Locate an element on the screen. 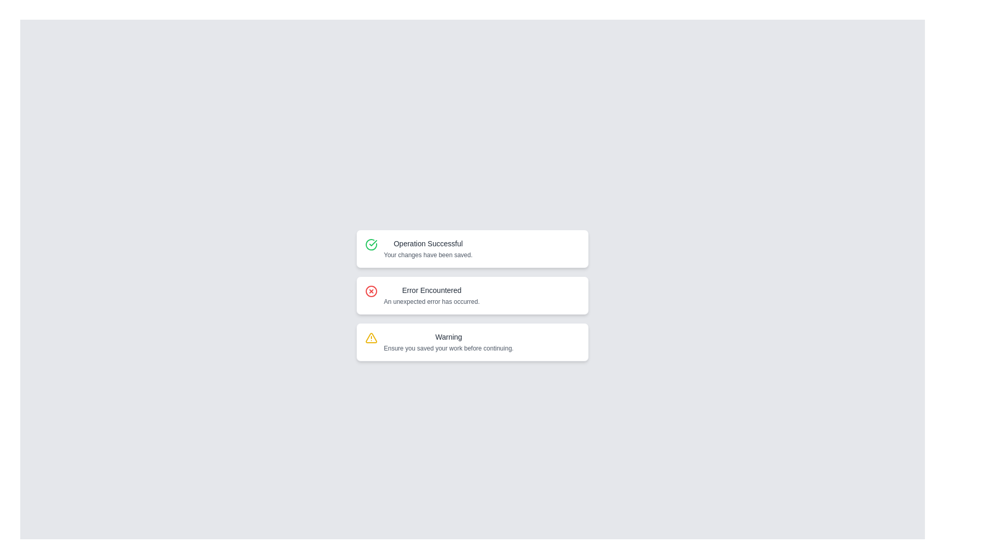 This screenshot has height=560, width=996. the heading text element indicating a successful operation, located above 'Your changes have been saved.' in the first notification card is located at coordinates (428, 244).